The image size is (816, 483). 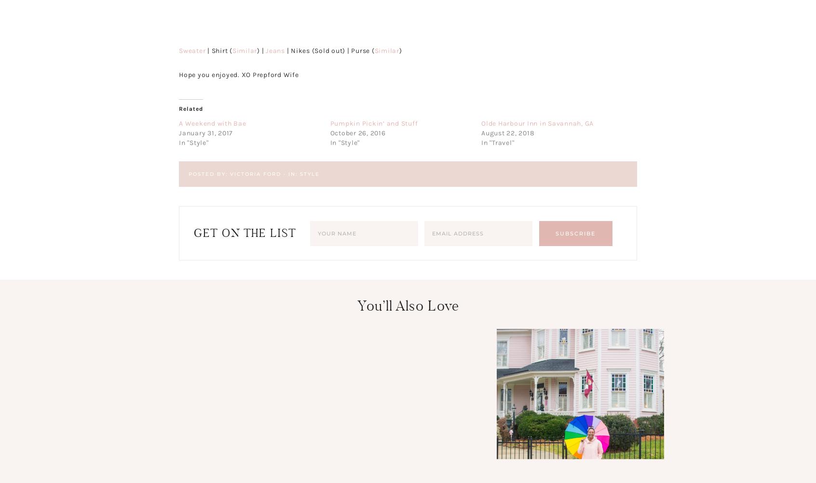 I want to click on ') |', so click(x=257, y=50).